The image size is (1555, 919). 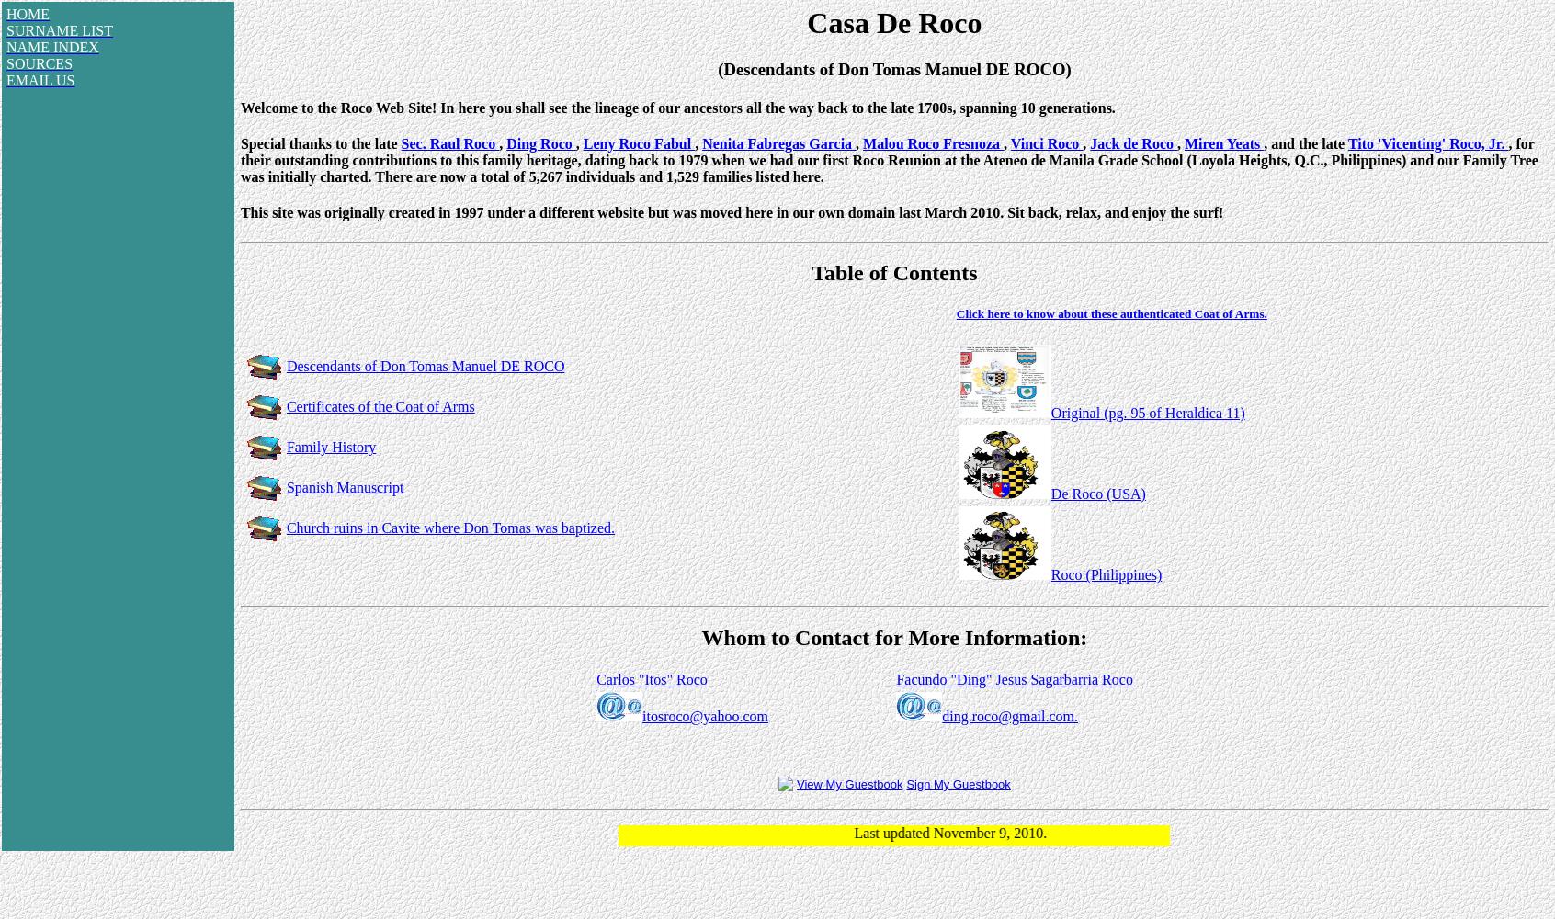 I want to click on ', and the late', so click(x=1304, y=142).